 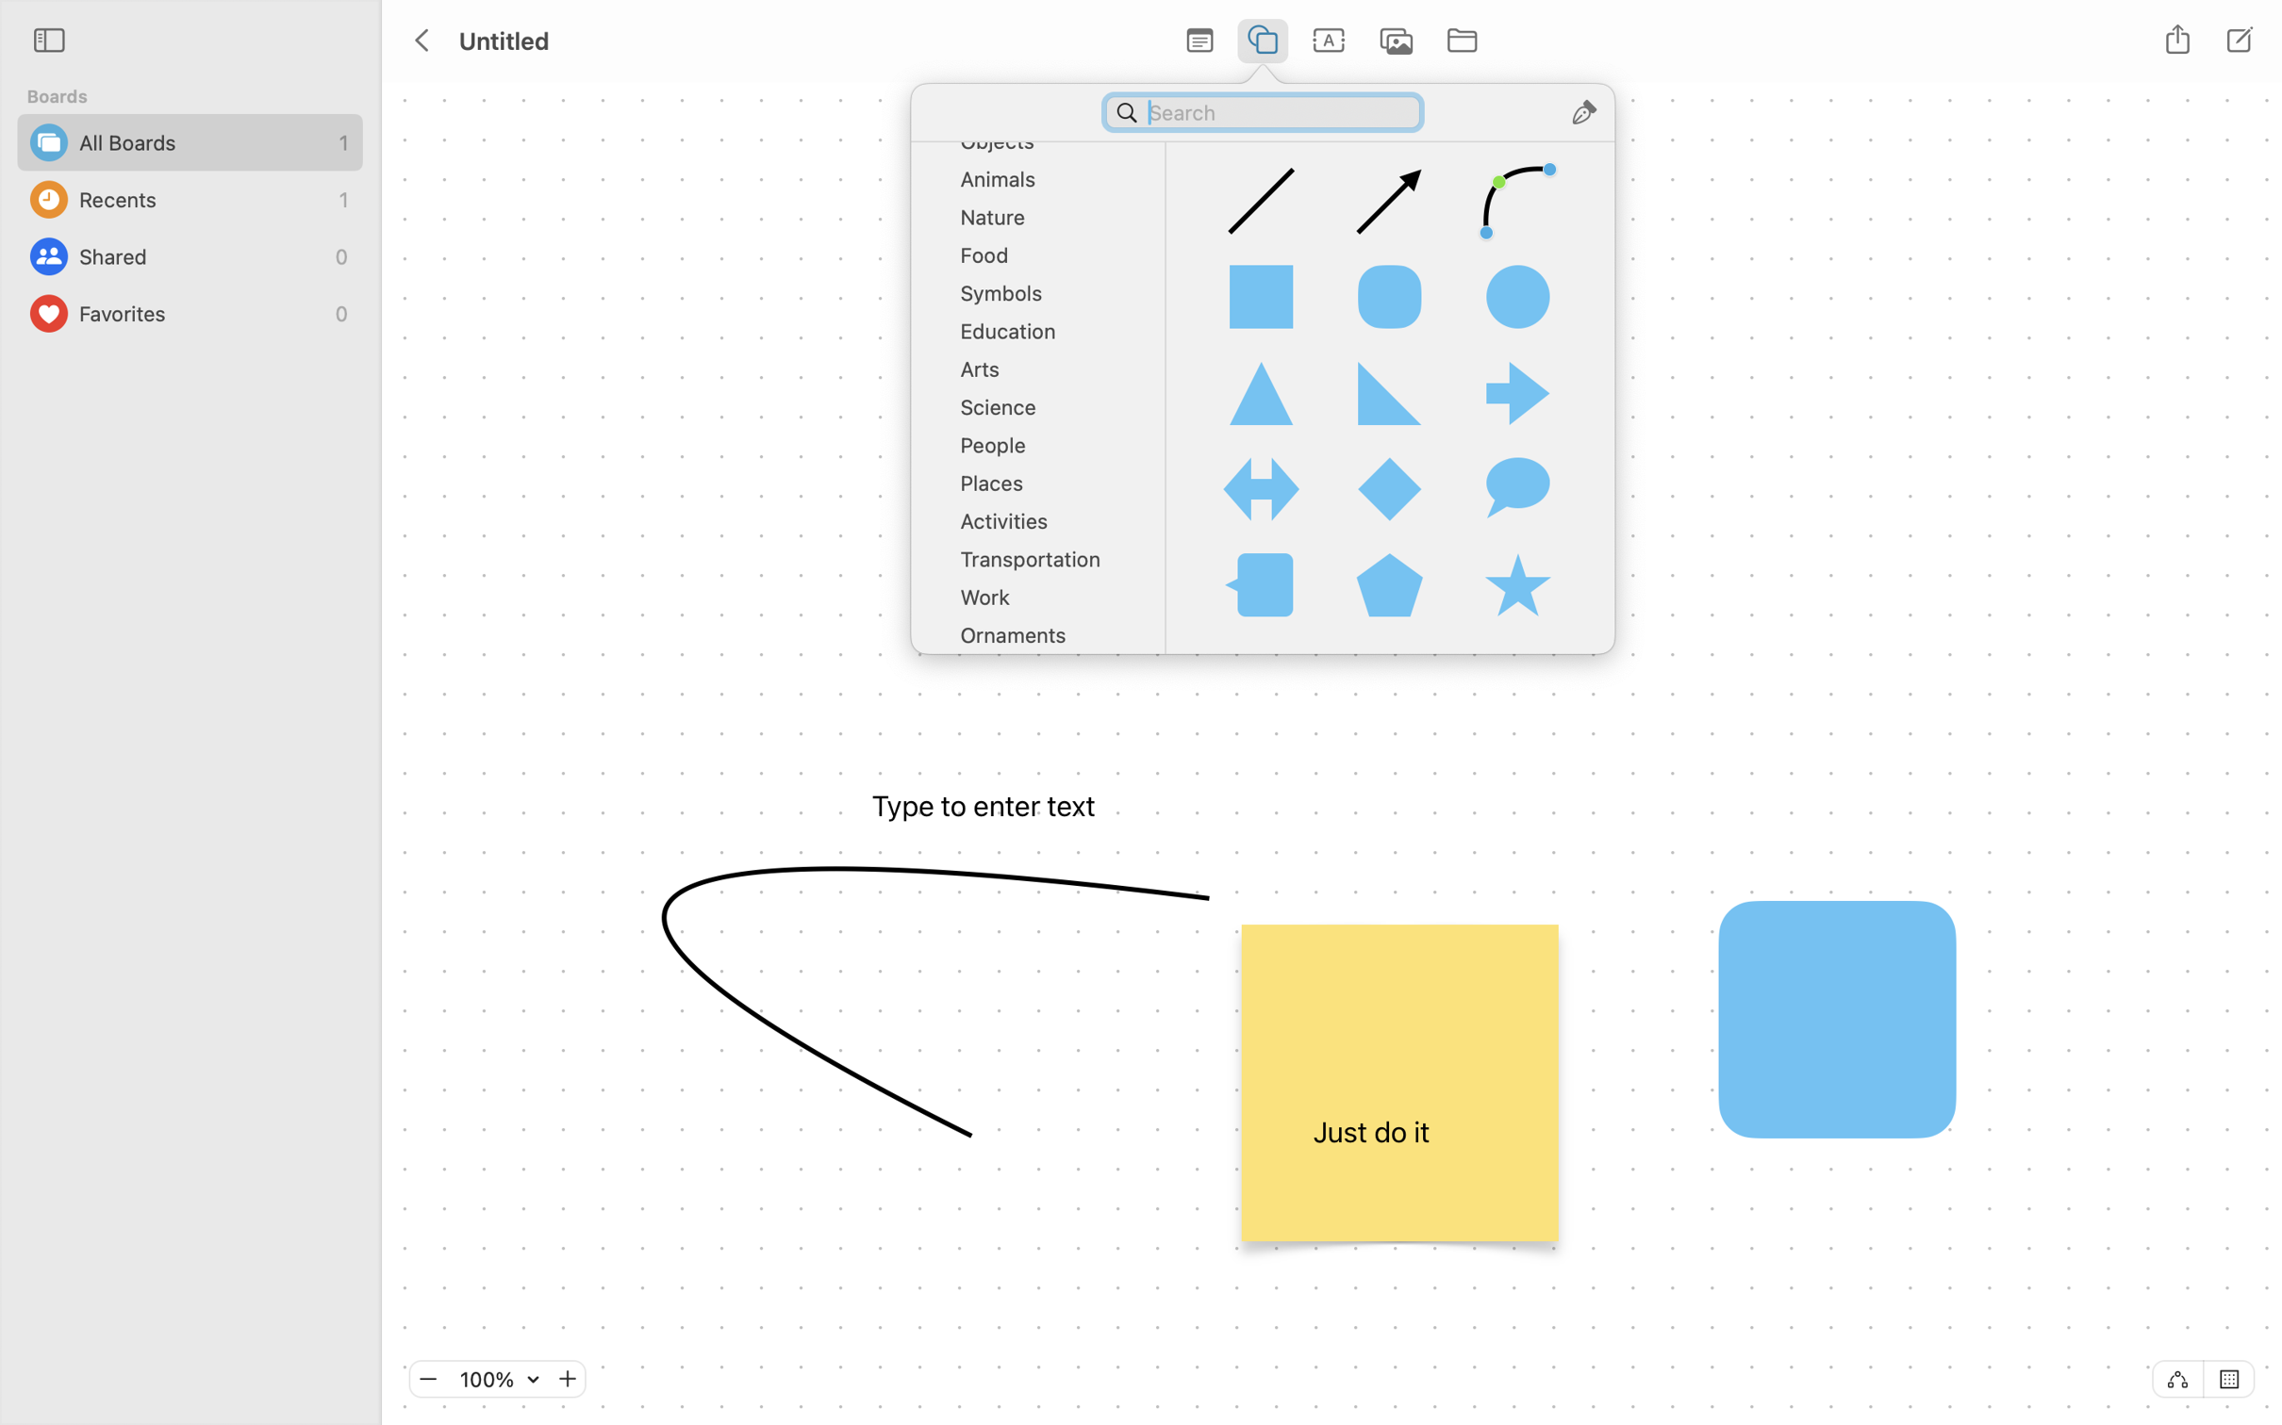 What do you see at coordinates (1044, 641) in the screenshot?
I see `'Ornaments'` at bounding box center [1044, 641].